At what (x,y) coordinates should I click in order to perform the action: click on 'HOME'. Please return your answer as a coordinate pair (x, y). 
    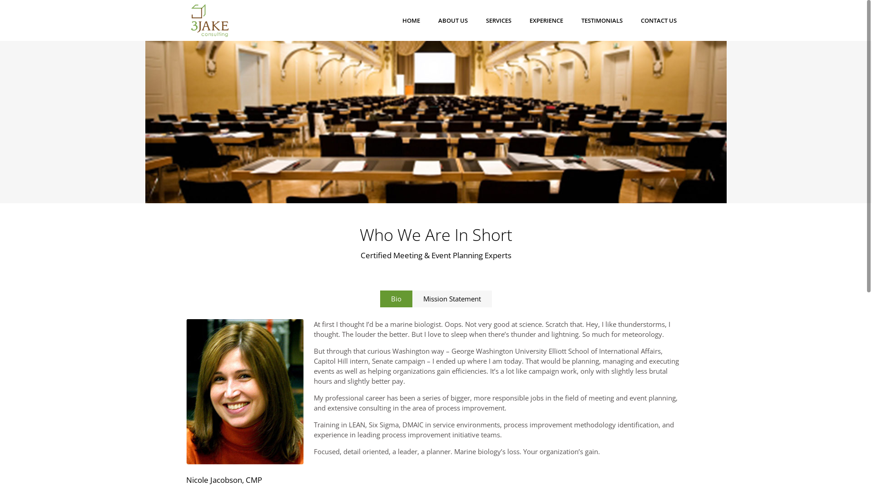
    Looking at the image, I should click on (411, 20).